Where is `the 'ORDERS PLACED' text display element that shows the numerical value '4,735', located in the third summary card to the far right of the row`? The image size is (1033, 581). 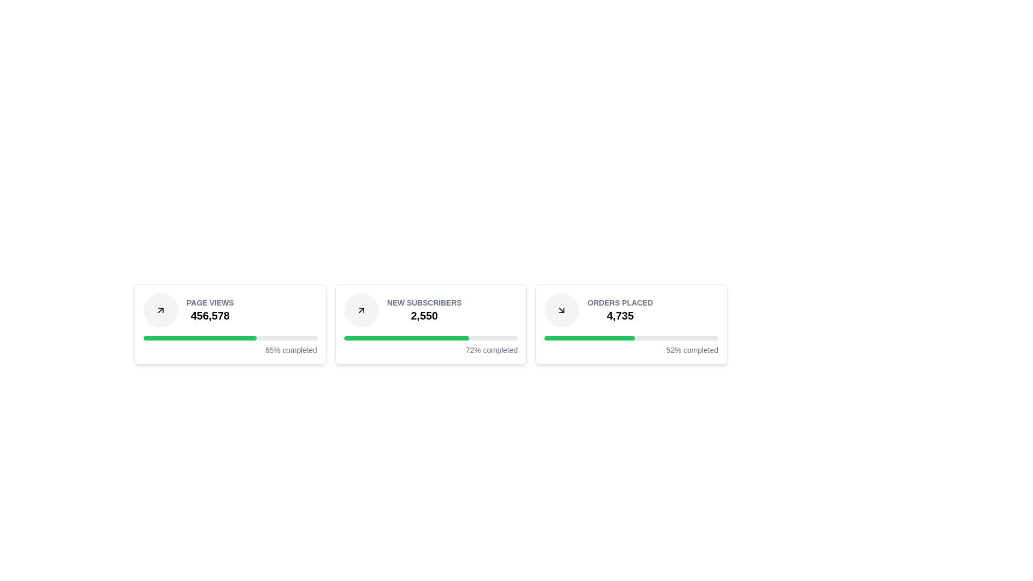
the 'ORDERS PLACED' text display element that shows the numerical value '4,735', located in the third summary card to the far right of the row is located at coordinates (620, 310).